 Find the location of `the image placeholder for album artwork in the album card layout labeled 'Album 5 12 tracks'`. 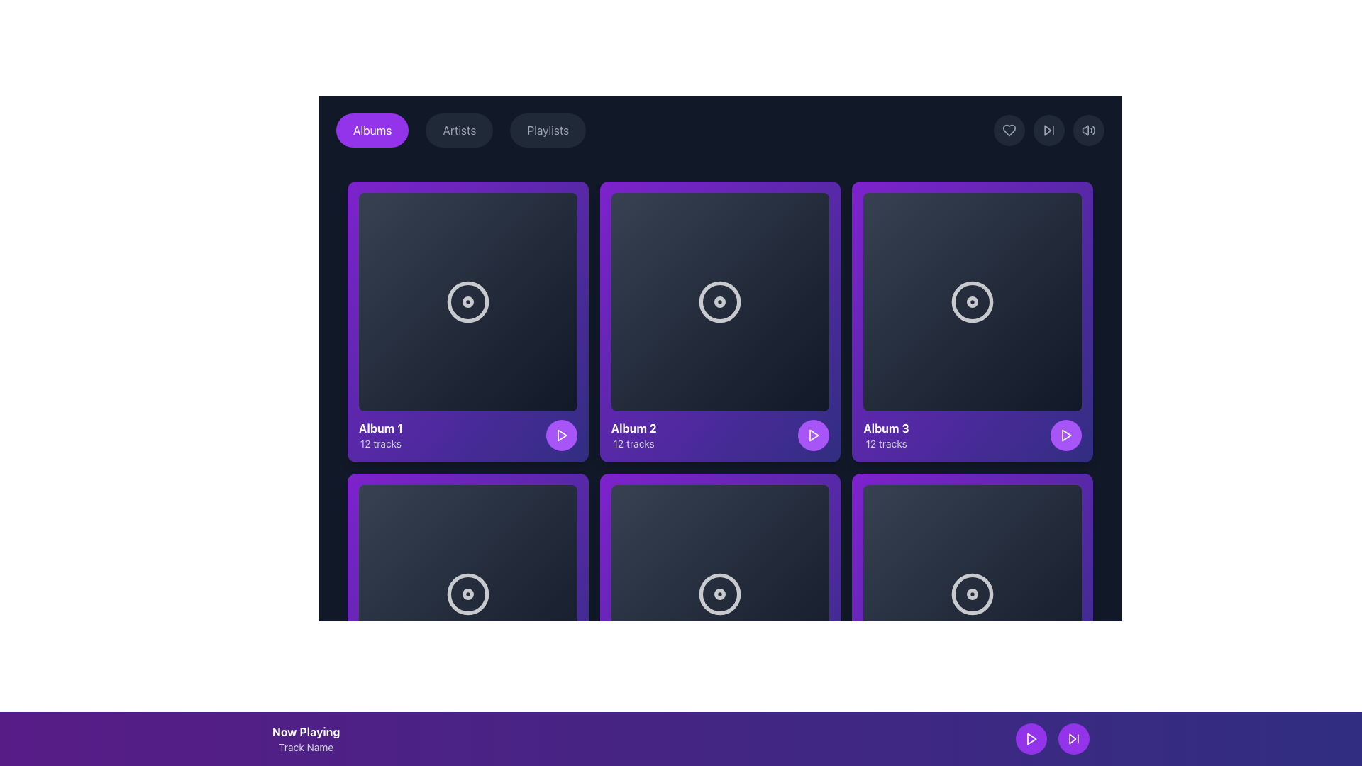

the image placeholder for album artwork in the album card layout labeled 'Album 5 12 tracks' is located at coordinates (720, 594).